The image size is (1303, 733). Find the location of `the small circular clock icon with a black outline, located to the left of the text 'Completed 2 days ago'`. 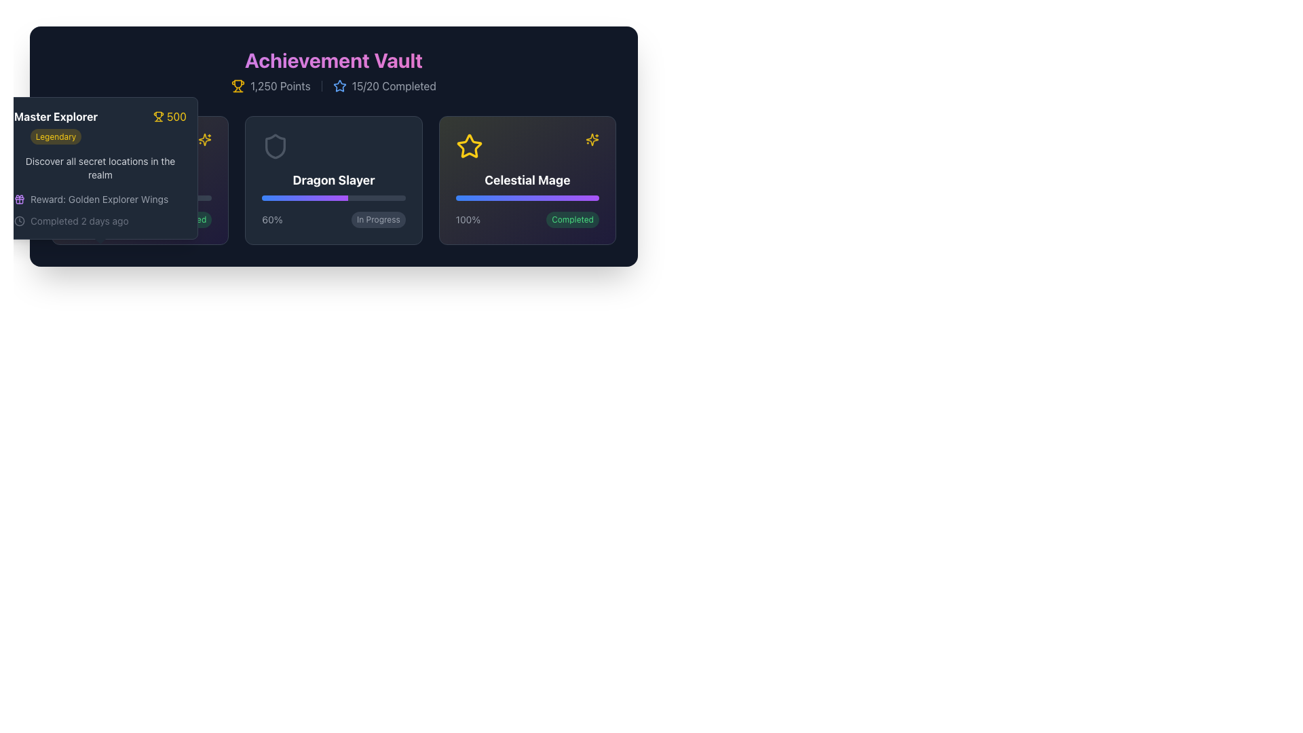

the small circular clock icon with a black outline, located to the left of the text 'Completed 2 days ago' is located at coordinates (19, 221).